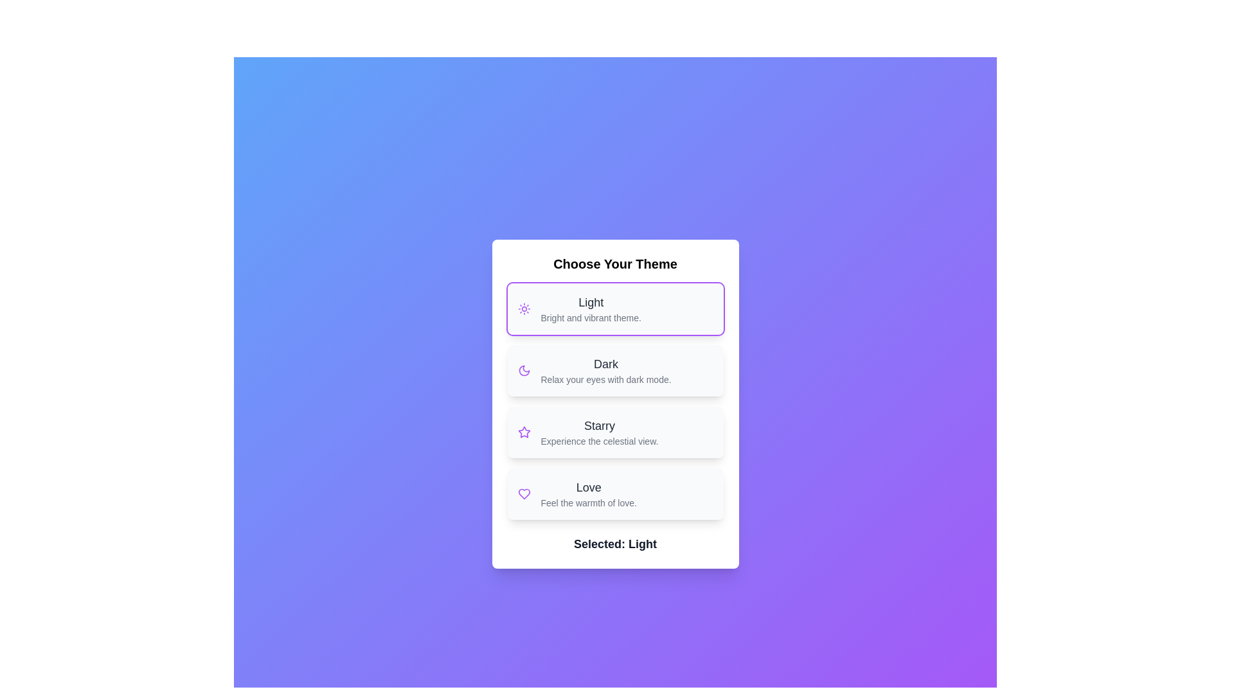 This screenshot has width=1234, height=694. What do you see at coordinates (614, 309) in the screenshot?
I see `the theme Light by clicking on its corresponding area` at bounding box center [614, 309].